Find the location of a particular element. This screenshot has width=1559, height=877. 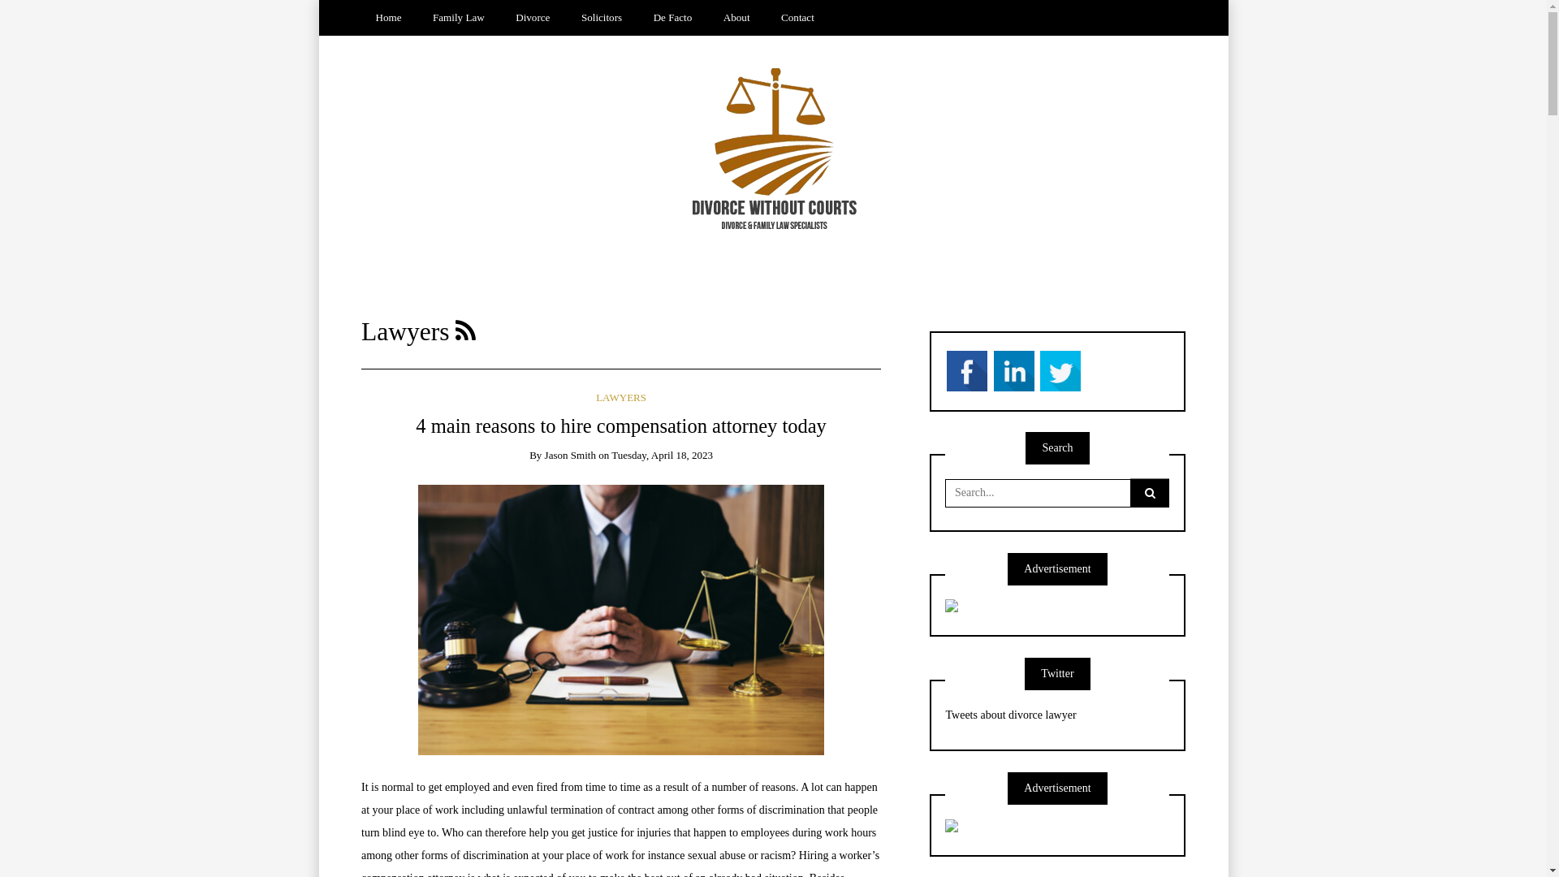

'LAWYERS' is located at coordinates (620, 397).